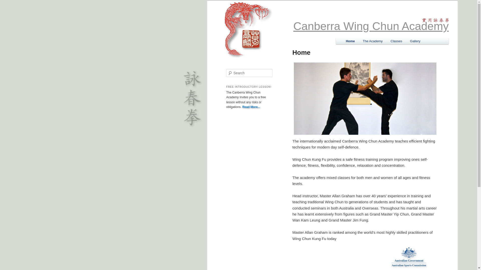 This screenshot has width=481, height=270. What do you see at coordinates (371, 26) in the screenshot?
I see `'Canberra Wing Chun Academy'` at bounding box center [371, 26].